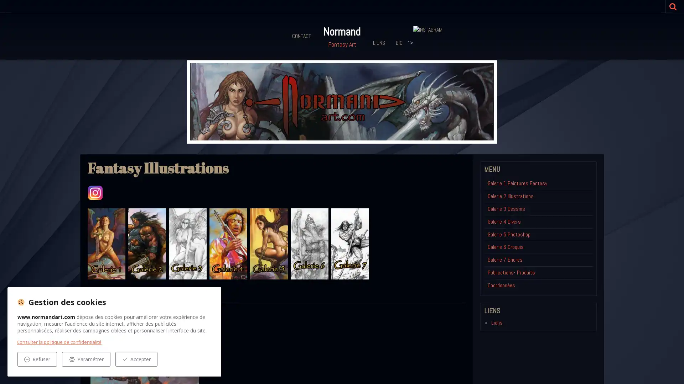  I want to click on Parametrer, so click(85, 359).